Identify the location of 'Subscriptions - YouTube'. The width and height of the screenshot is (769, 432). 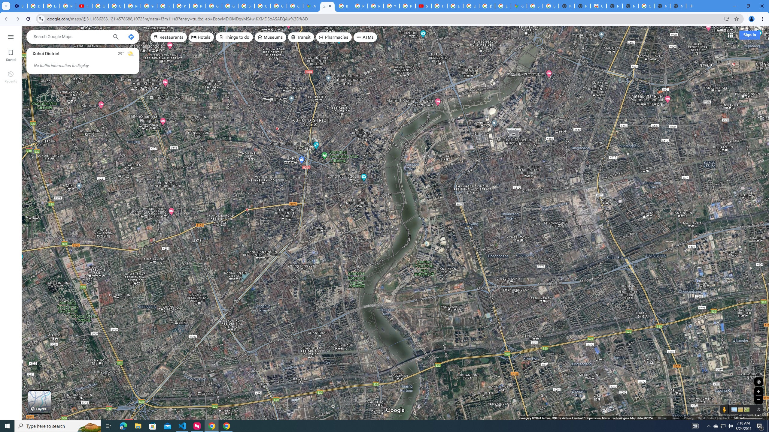
(423, 6).